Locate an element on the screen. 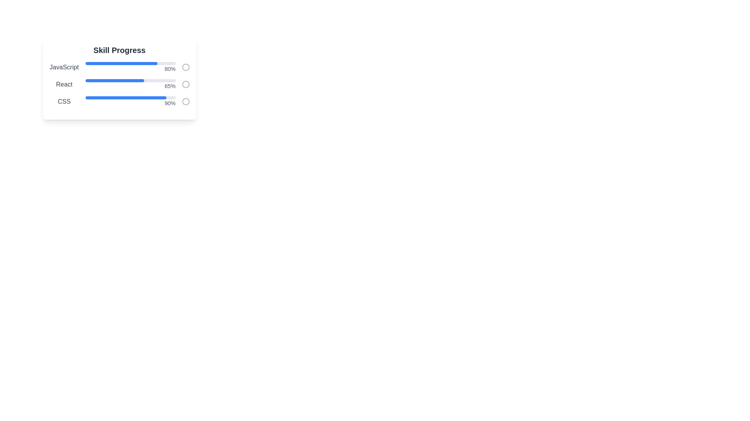  the blue progress bar representing 90% proficiency in 'CSS' located in the 'Skill Progress' section is located at coordinates (126, 97).